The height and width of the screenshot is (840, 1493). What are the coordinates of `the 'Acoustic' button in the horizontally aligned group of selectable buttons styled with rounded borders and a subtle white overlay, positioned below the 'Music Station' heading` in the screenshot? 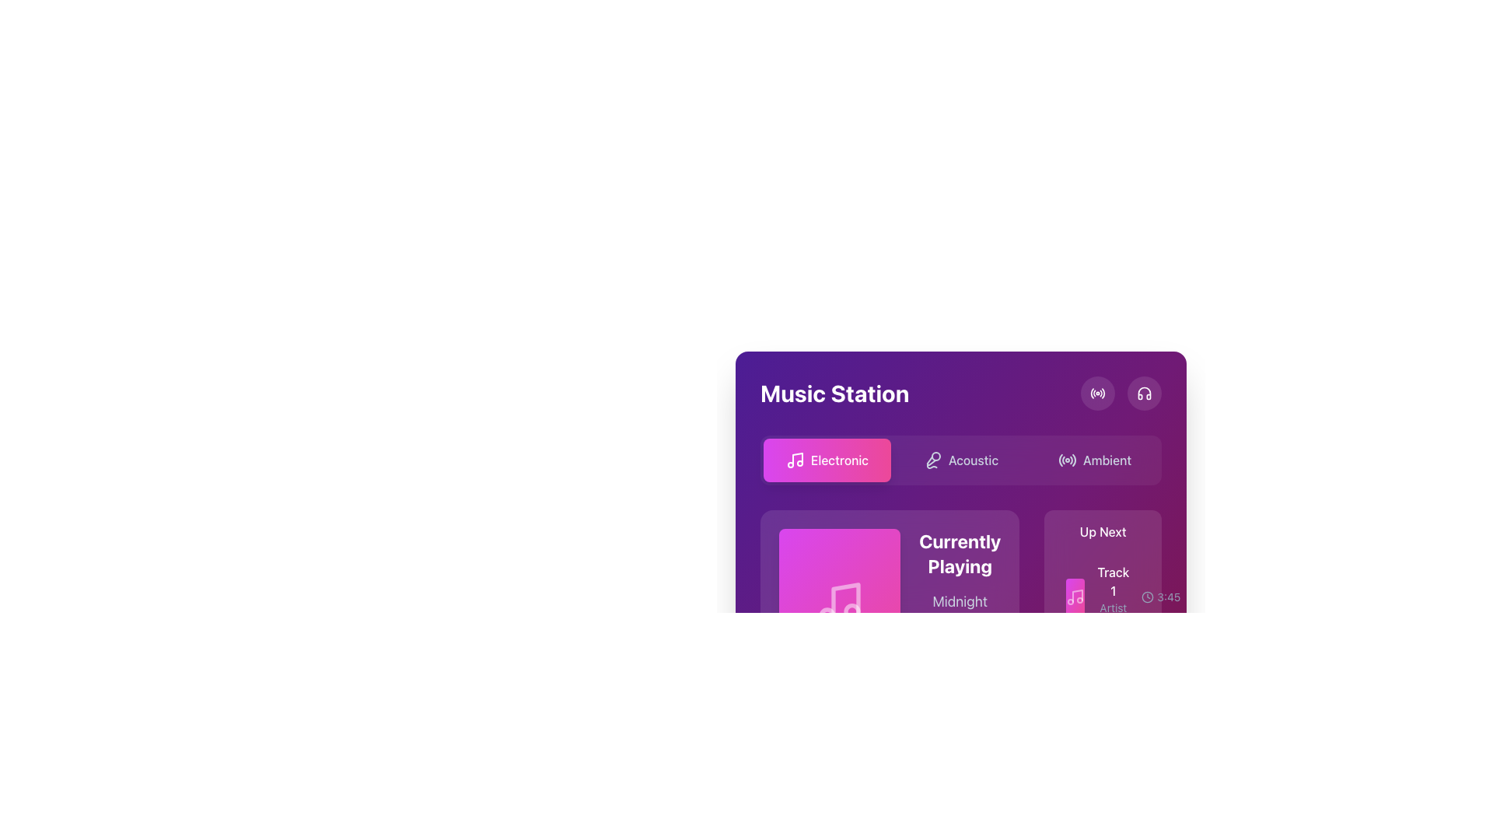 It's located at (960, 459).